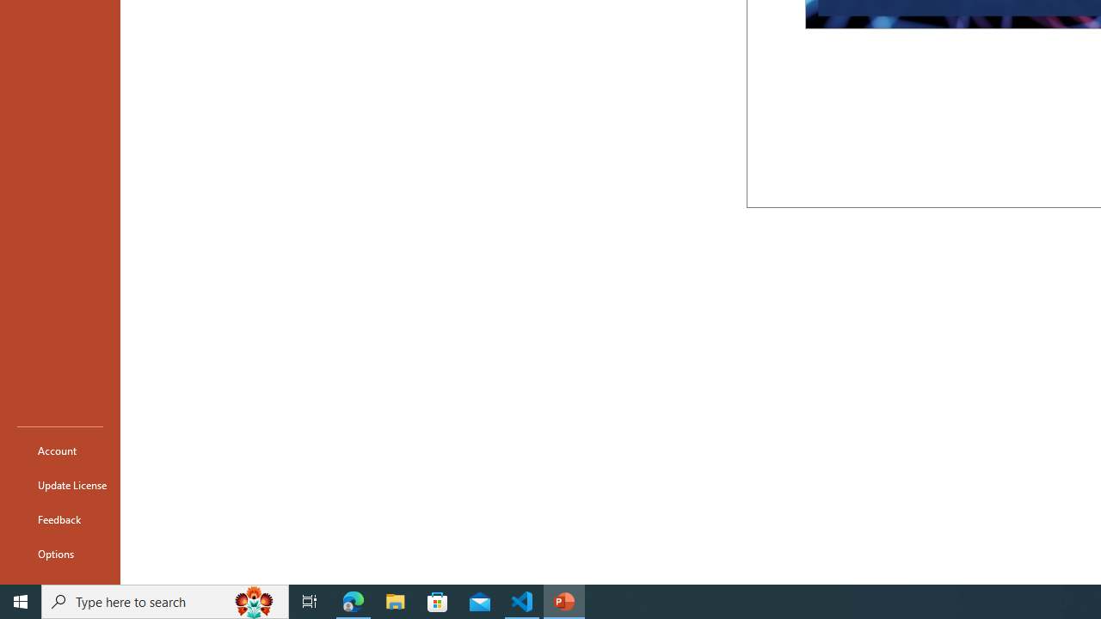 The width and height of the screenshot is (1101, 619). Describe the element at coordinates (59, 485) in the screenshot. I see `'Update License'` at that location.